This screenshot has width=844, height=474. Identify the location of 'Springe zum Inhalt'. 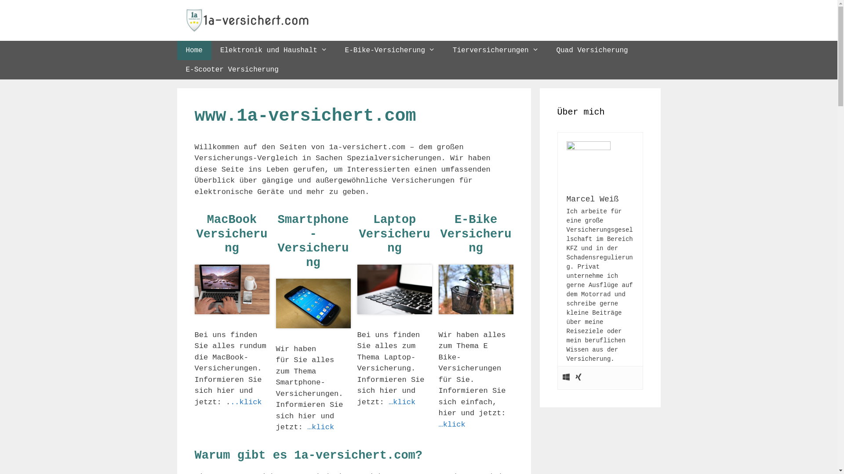
(0, 0).